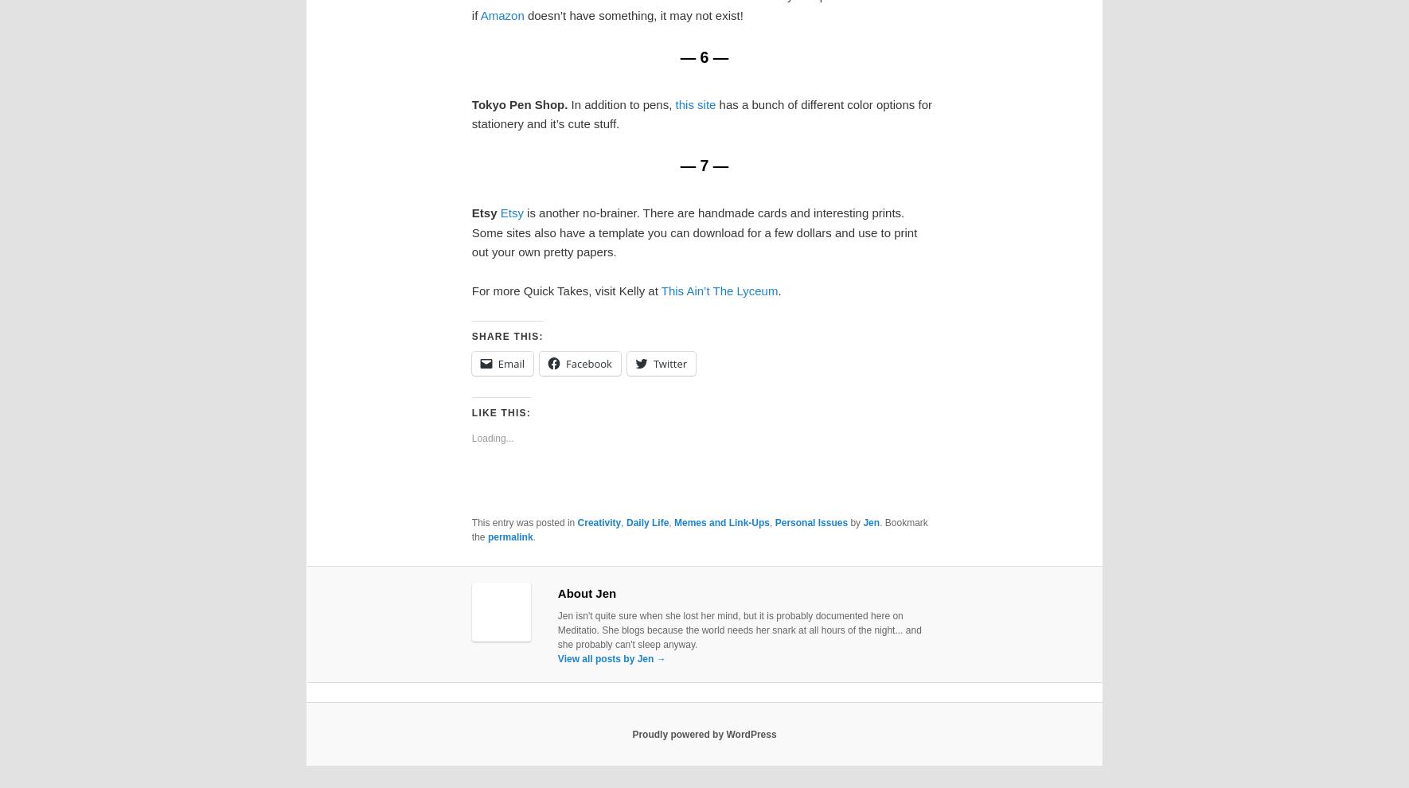 Image resolution: width=1409 pixels, height=788 pixels. What do you see at coordinates (855, 522) in the screenshot?
I see `'by'` at bounding box center [855, 522].